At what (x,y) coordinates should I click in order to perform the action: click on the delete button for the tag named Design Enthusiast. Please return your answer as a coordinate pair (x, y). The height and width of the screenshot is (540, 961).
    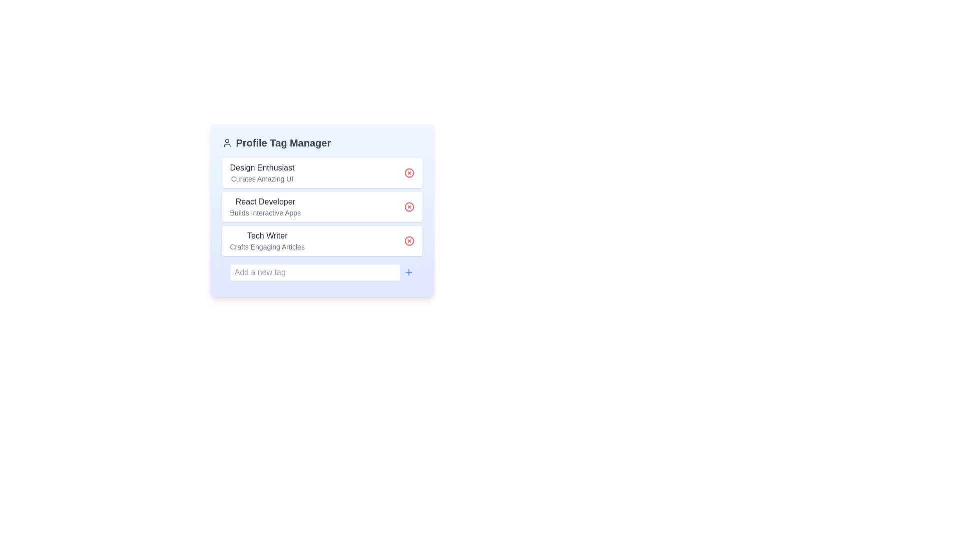
    Looking at the image, I should click on (409, 172).